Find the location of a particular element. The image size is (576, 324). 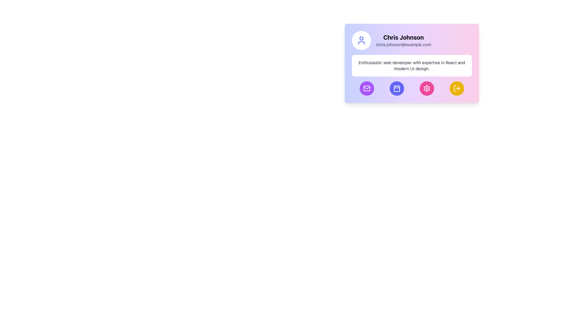

the fourth circular button with a pink background and a white settings icon is located at coordinates (426, 88).